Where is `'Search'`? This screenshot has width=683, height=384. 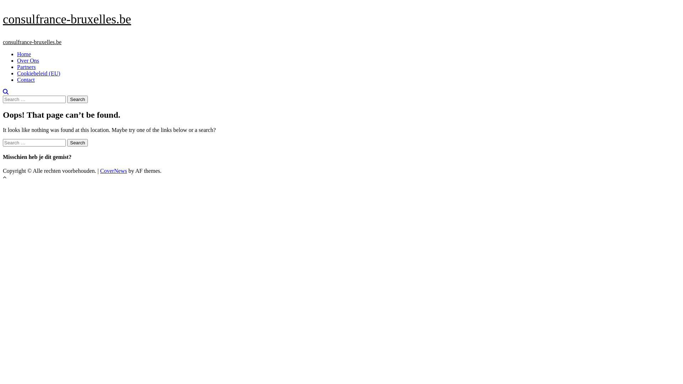 'Search' is located at coordinates (5, 92).